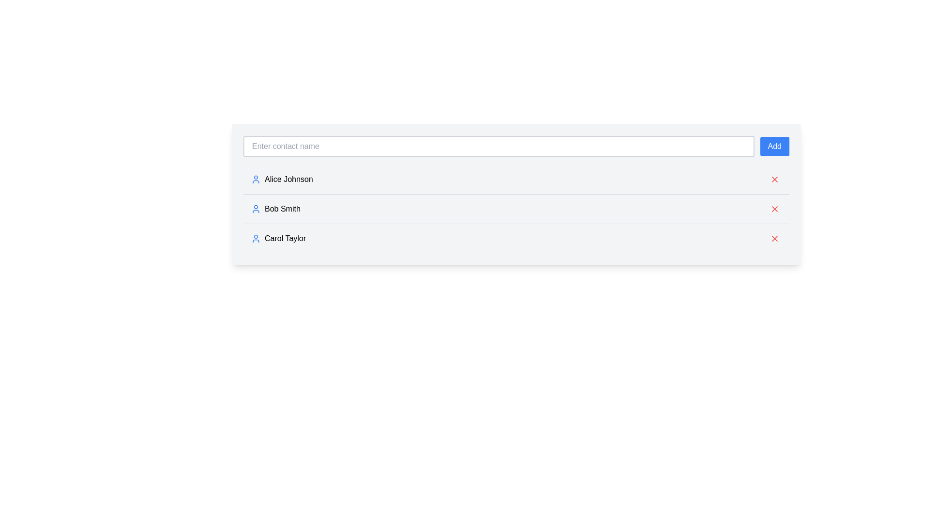 The height and width of the screenshot is (524, 931). Describe the element at coordinates (282, 209) in the screenshot. I see `the text label representing the name of a listed contact, which is located in the second row of a vertical contact list, next to a user icon and above a red delete icon` at that location.